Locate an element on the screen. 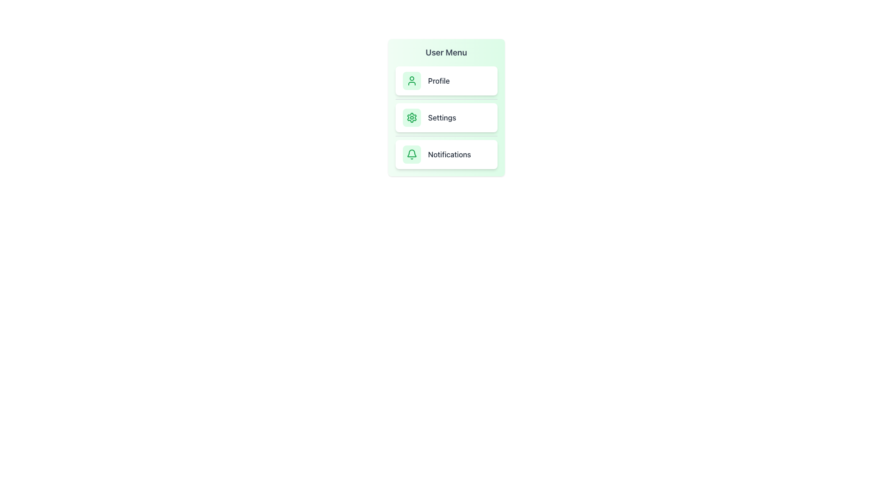  the thin horizontal light gray separator line that divides the 'Settings' and 'Notifications' menu options in the user menu is located at coordinates (446, 136).